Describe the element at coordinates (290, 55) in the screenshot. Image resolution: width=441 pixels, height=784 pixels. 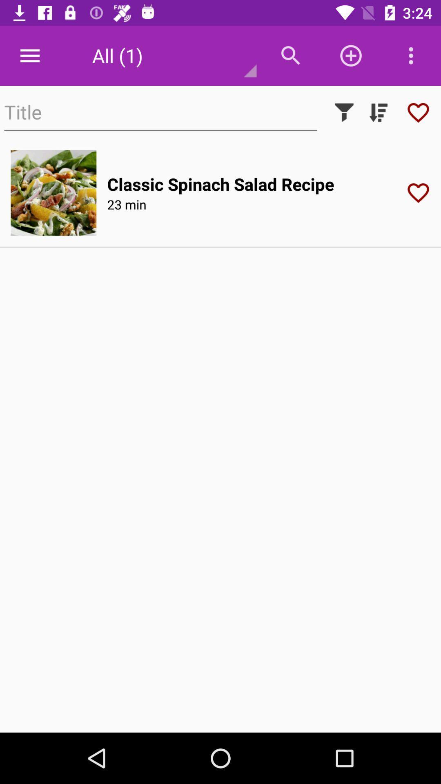
I see `icon to the right of all (1)` at that location.